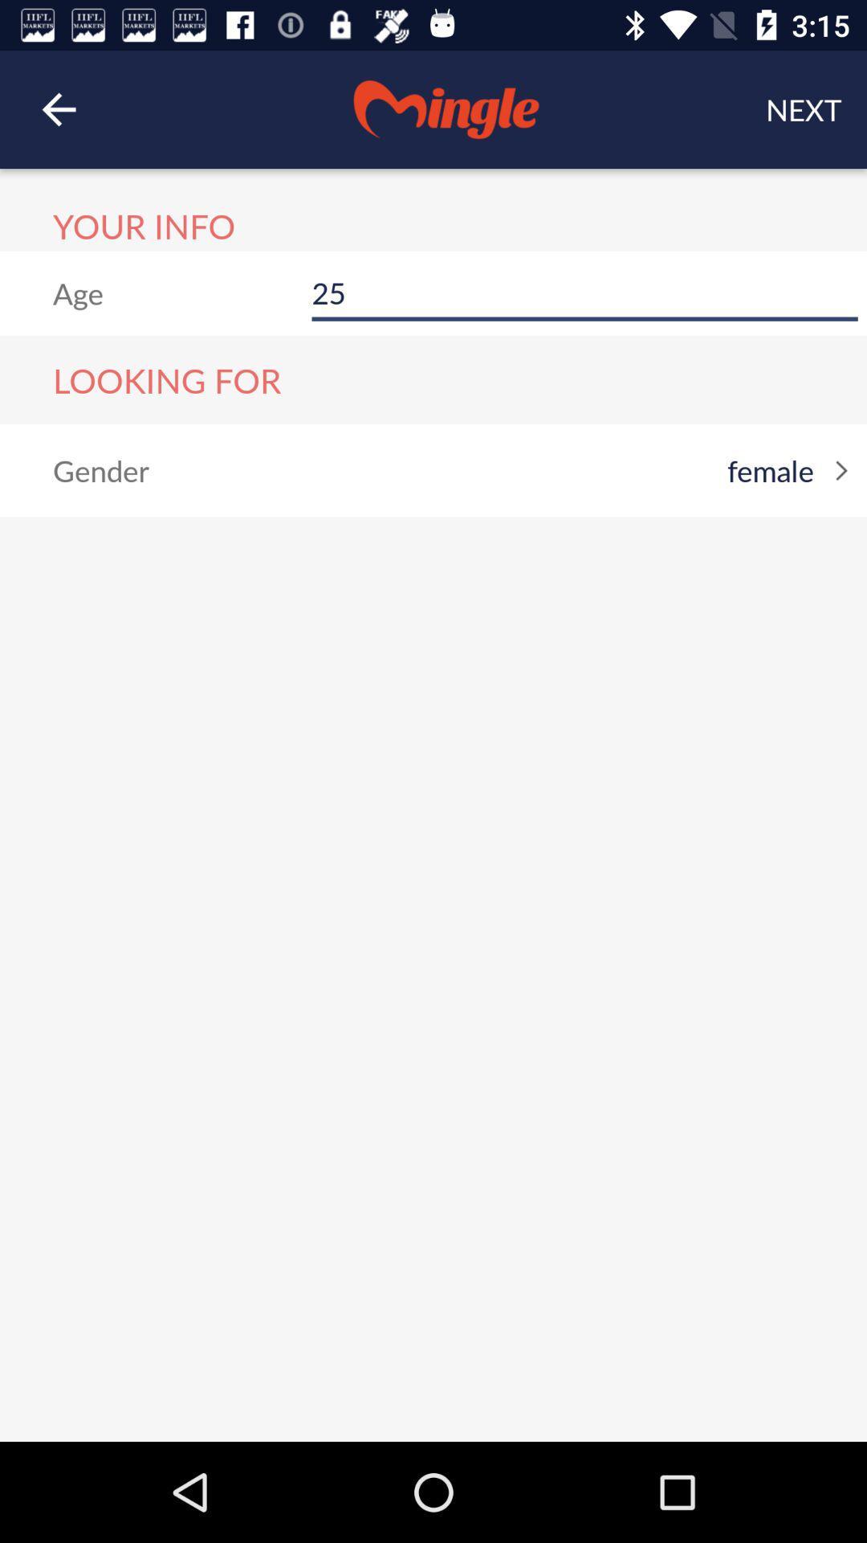 The height and width of the screenshot is (1543, 867). Describe the element at coordinates (58, 108) in the screenshot. I see `item above the your info icon` at that location.